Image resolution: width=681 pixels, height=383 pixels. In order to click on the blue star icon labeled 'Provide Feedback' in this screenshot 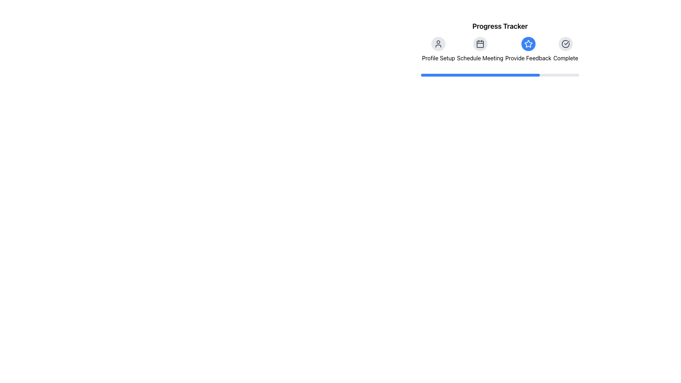, I will do `click(528, 49)`.